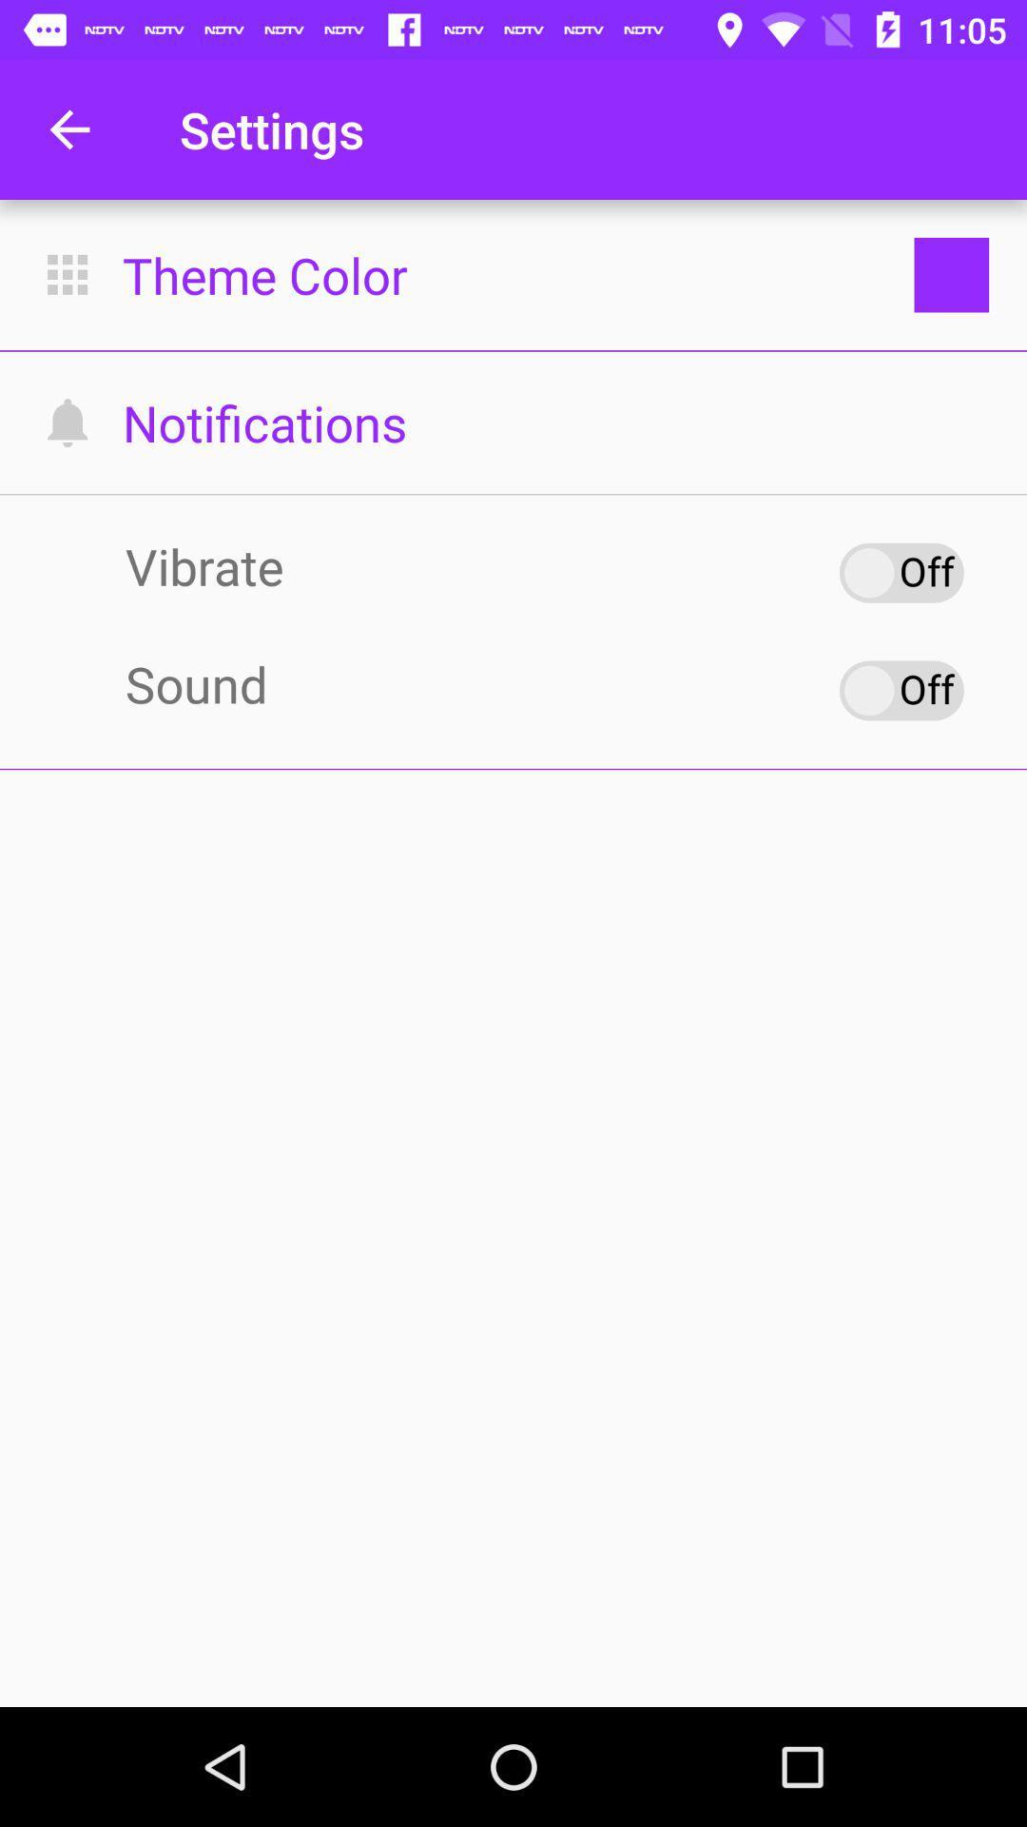 The width and height of the screenshot is (1027, 1827). I want to click on vibrate, so click(901, 572).